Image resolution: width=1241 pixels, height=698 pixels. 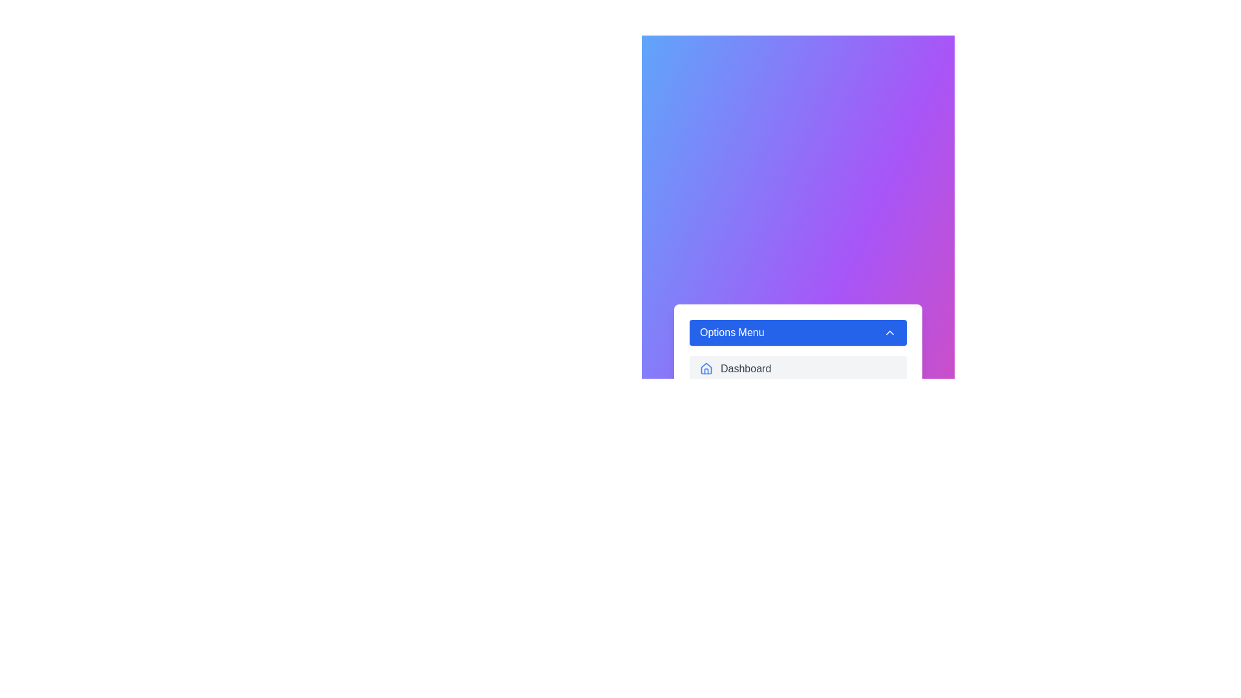 I want to click on the 'Options Menu' button to toggle the visibility of the menu, so click(x=797, y=332).